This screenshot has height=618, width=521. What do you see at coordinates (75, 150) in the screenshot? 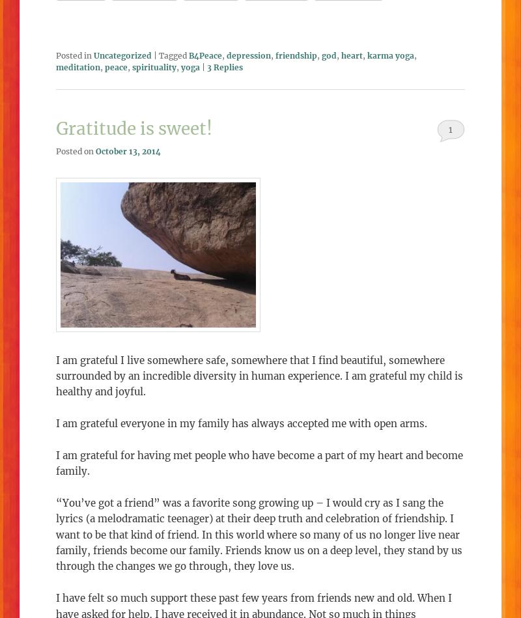
I see `'Posted on'` at bounding box center [75, 150].